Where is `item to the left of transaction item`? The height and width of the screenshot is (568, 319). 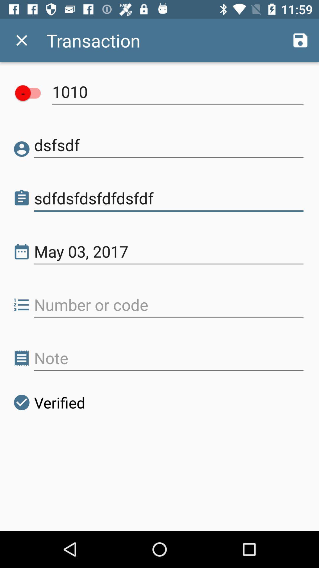
item to the left of transaction item is located at coordinates (21, 40).